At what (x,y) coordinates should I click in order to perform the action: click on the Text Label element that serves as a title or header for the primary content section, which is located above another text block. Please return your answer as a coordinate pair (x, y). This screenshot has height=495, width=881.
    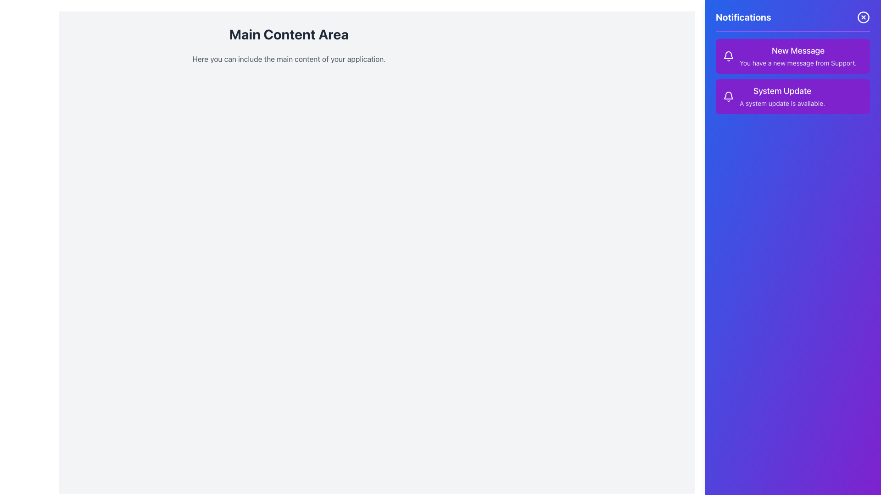
    Looking at the image, I should click on (288, 33).